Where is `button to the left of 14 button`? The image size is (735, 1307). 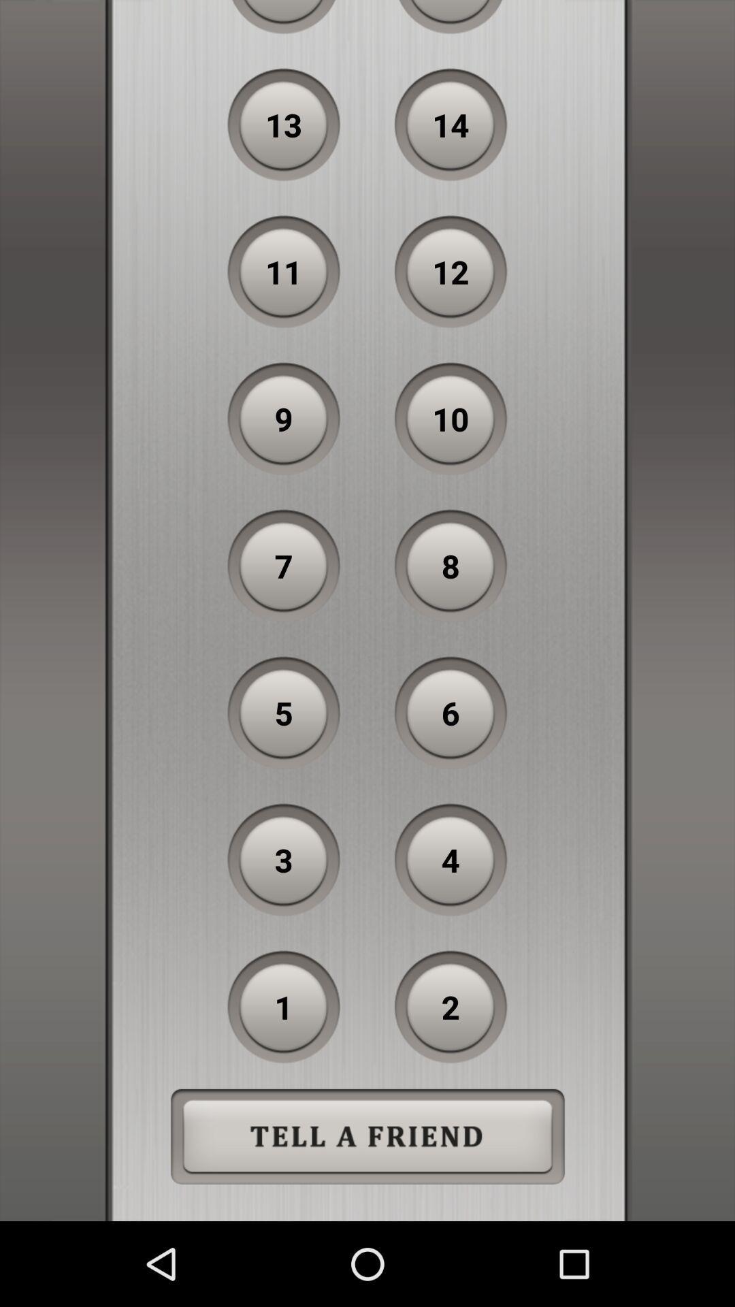
button to the left of 14 button is located at coordinates (283, 125).